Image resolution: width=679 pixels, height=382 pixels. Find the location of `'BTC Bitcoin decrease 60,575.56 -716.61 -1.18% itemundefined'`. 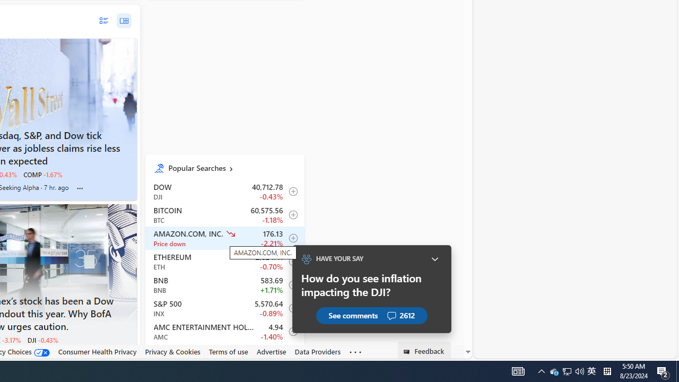

'BTC Bitcoin decrease 60,575.56 -716.61 -1.18% itemundefined' is located at coordinates (224, 215).